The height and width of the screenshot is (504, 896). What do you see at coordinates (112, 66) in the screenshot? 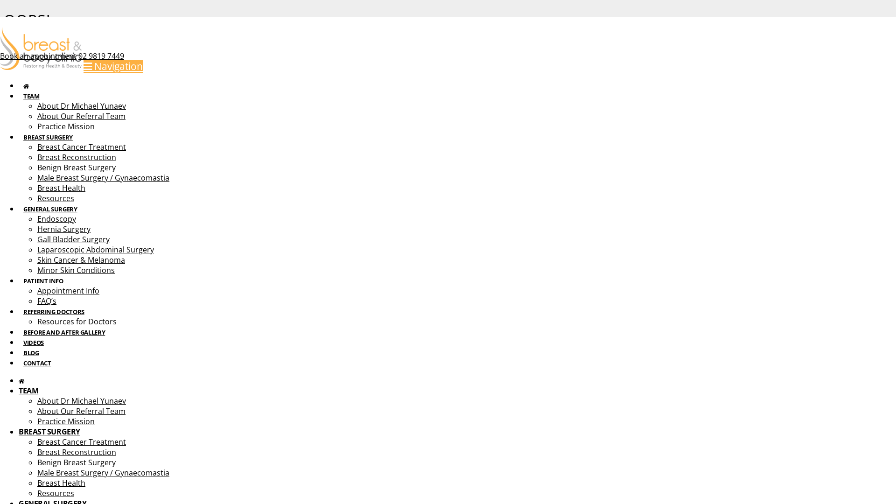
I see `'Navigation'` at bounding box center [112, 66].